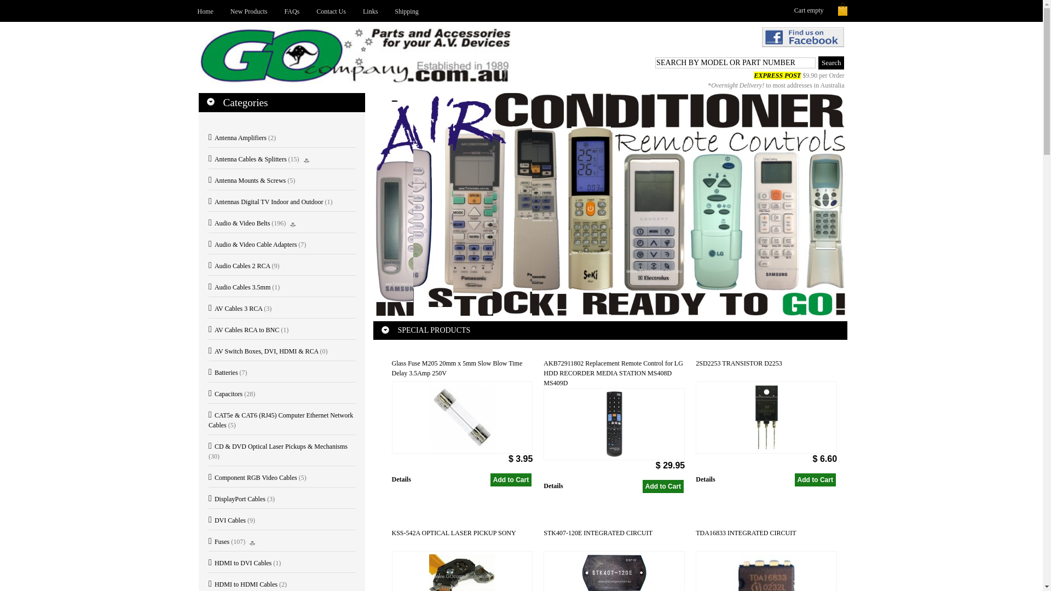 The image size is (1051, 591). What do you see at coordinates (226, 520) in the screenshot?
I see `'DVI Cables'` at bounding box center [226, 520].